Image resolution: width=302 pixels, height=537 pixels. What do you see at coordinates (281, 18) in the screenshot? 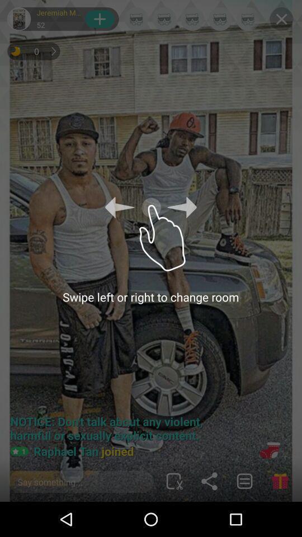
I see `the close icon` at bounding box center [281, 18].